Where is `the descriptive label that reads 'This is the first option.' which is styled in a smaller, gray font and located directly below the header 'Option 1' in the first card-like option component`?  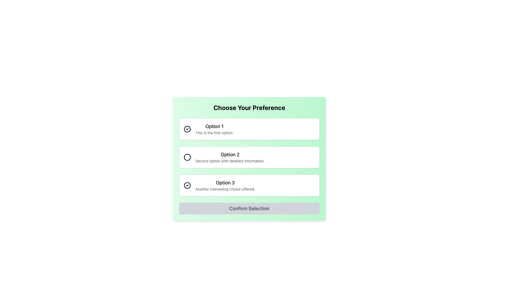
the descriptive label that reads 'This is the first option.' which is styled in a smaller, gray font and located directly below the header 'Option 1' in the first card-like option component is located at coordinates (215, 133).